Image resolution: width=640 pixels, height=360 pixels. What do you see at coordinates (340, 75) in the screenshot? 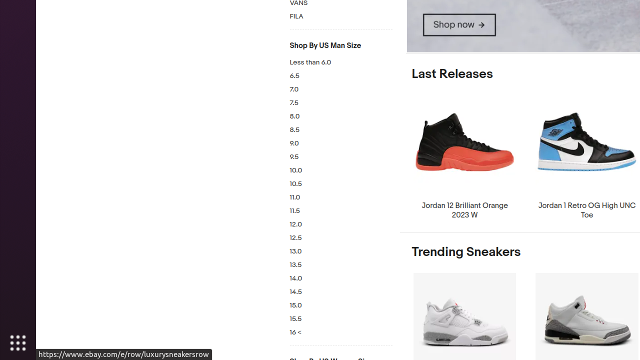
I see `'6.5'` at bounding box center [340, 75].